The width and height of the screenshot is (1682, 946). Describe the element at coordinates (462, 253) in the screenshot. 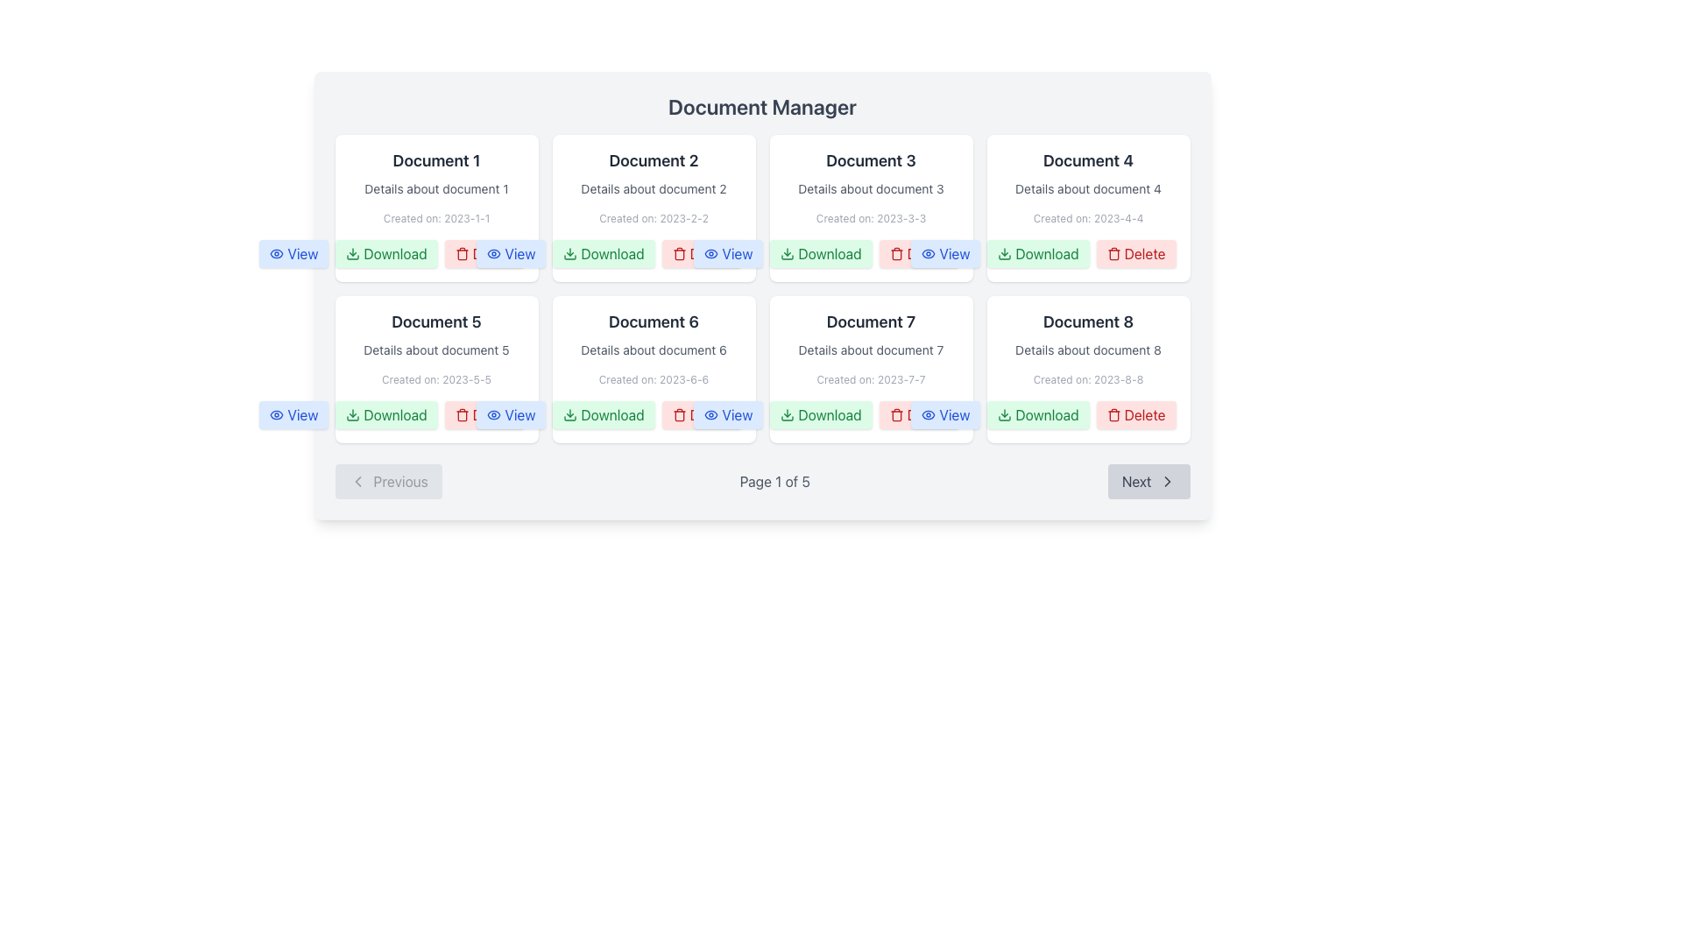

I see `the red trash icon within the 'Delete' button, positioned in the fourth slot of the top row in the grid layout` at that location.